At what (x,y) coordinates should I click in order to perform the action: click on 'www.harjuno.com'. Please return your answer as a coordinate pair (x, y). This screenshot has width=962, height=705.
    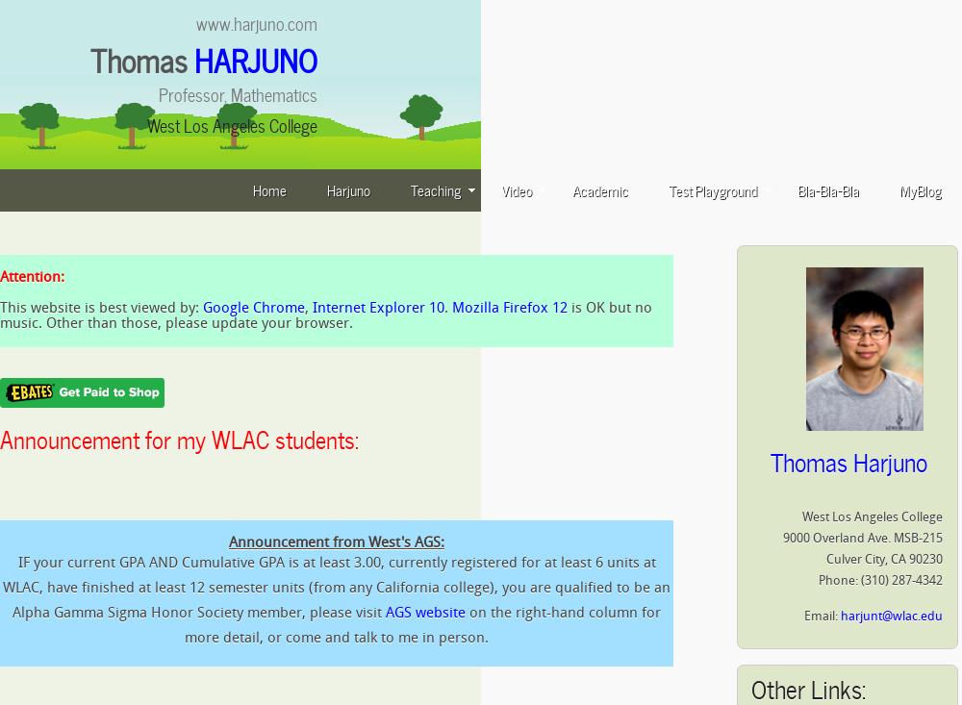
    Looking at the image, I should click on (257, 21).